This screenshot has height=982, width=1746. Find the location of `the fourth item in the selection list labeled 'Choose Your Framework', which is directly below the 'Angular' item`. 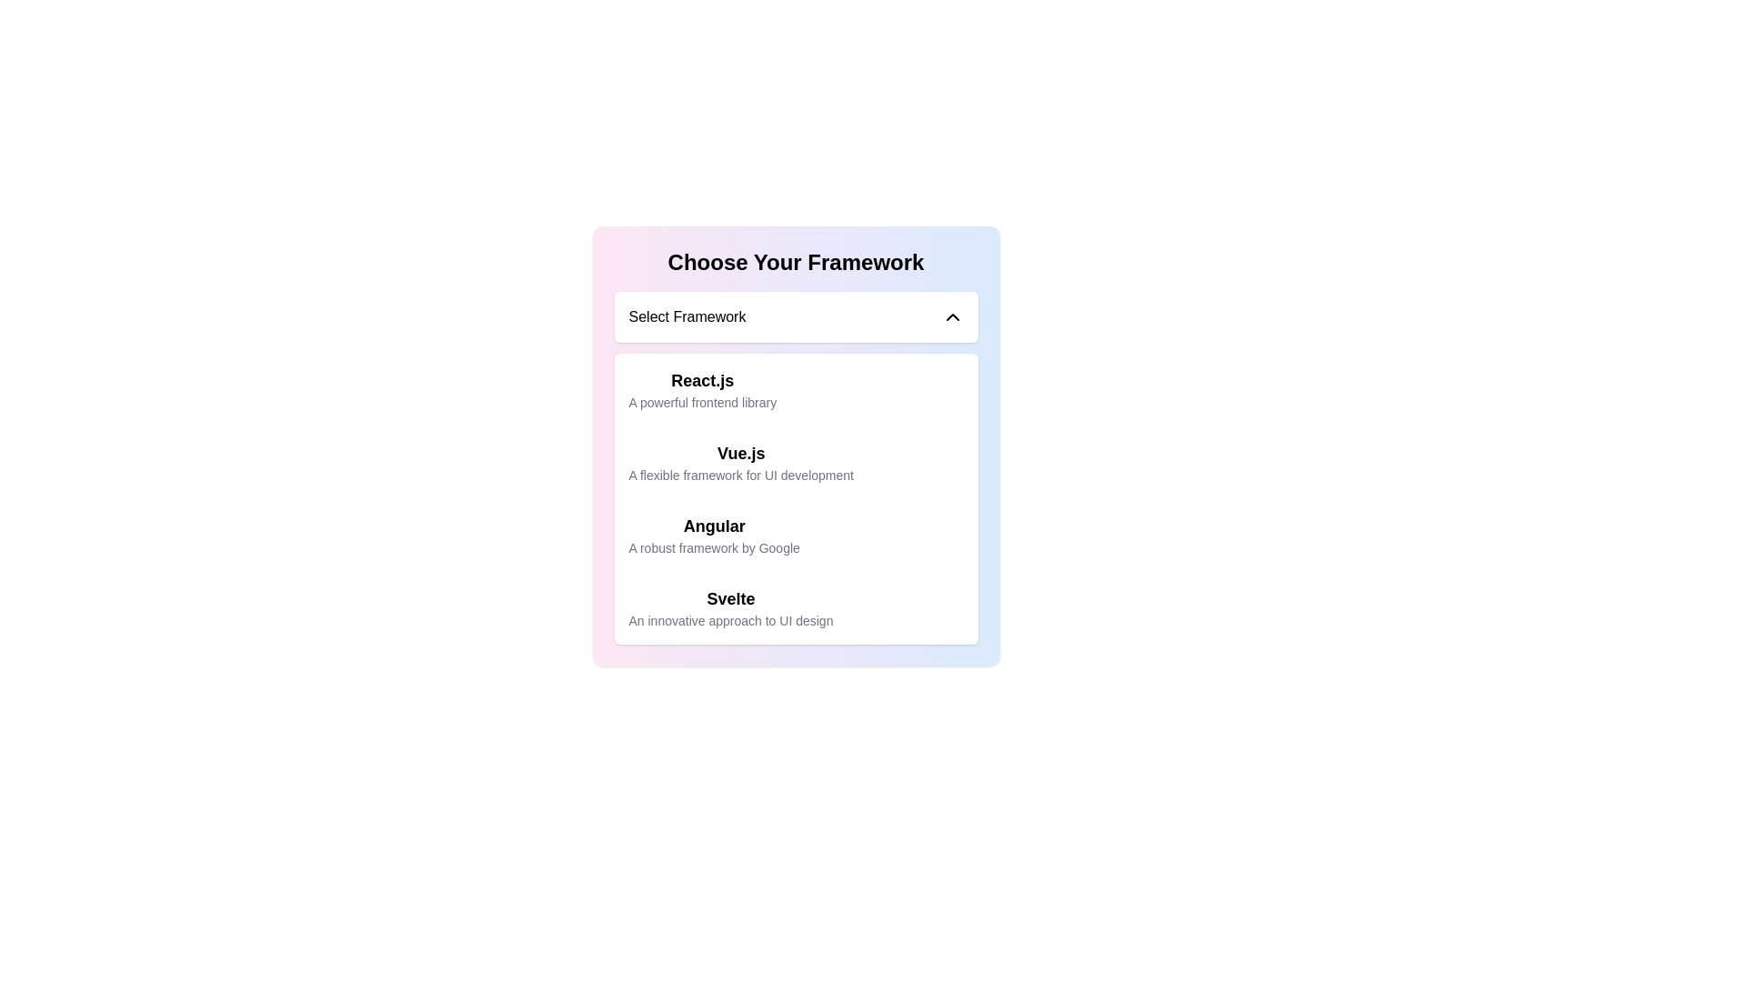

the fourth item in the selection list labeled 'Choose Your Framework', which is directly below the 'Angular' item is located at coordinates (796, 607).